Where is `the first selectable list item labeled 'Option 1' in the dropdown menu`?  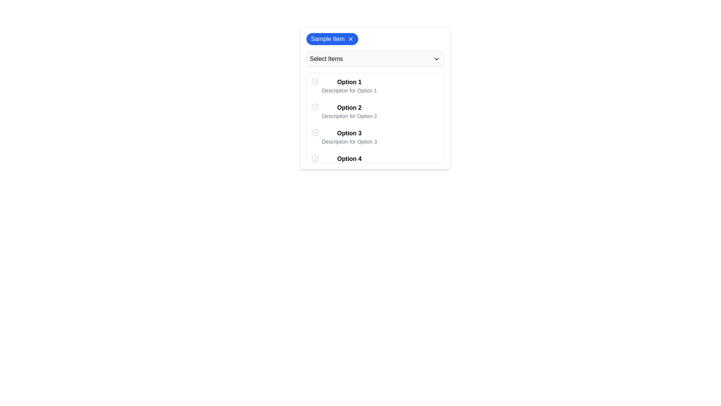 the first selectable list item labeled 'Option 1' in the dropdown menu is located at coordinates (349, 85).